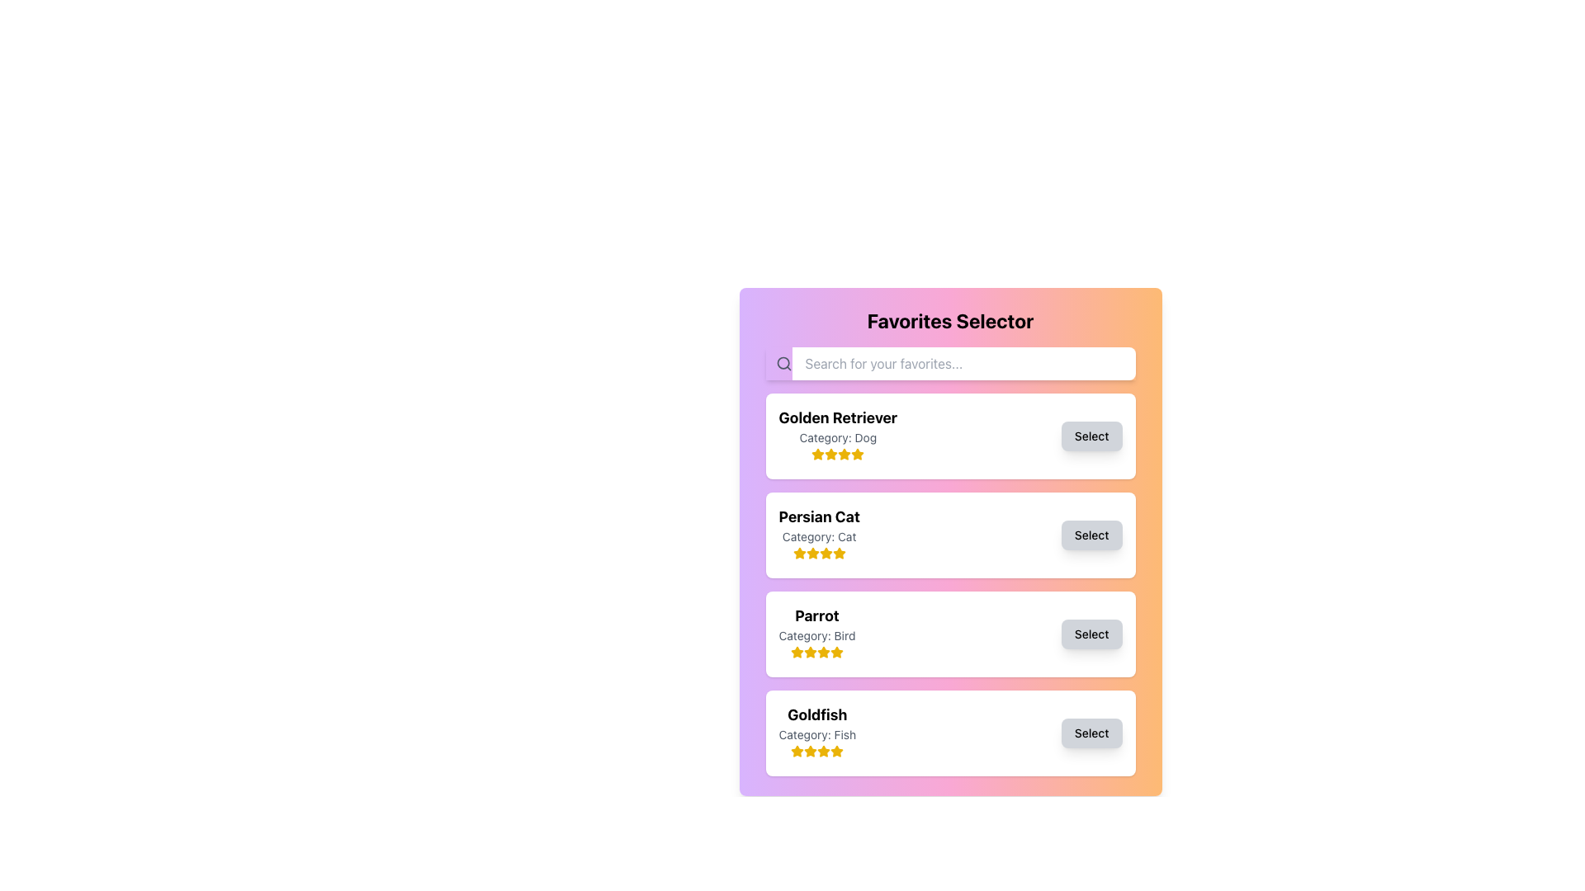 The image size is (1585, 891). Describe the element at coordinates (837, 751) in the screenshot. I see `the fifth and final filled yellow star icon in the rating system for the 'Goldfish' entry to interact with it` at that location.